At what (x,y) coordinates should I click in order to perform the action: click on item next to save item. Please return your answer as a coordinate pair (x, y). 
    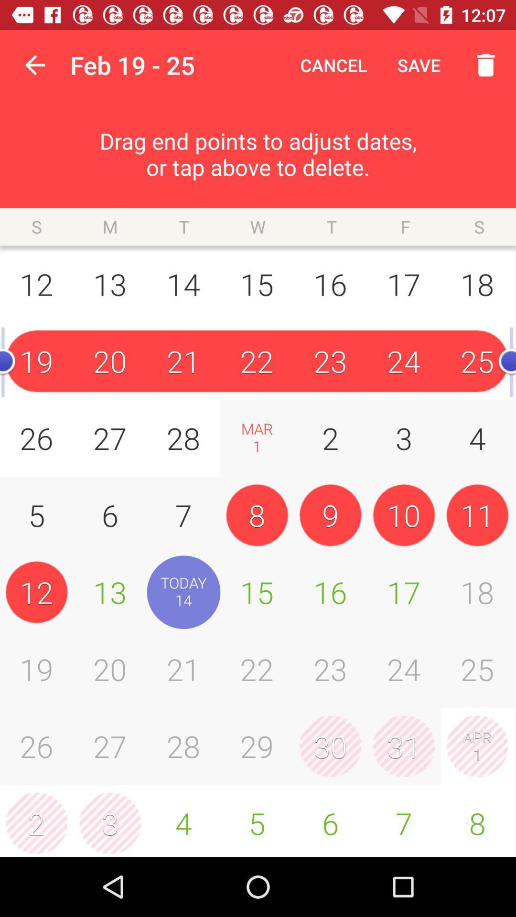
    Looking at the image, I should click on (333, 64).